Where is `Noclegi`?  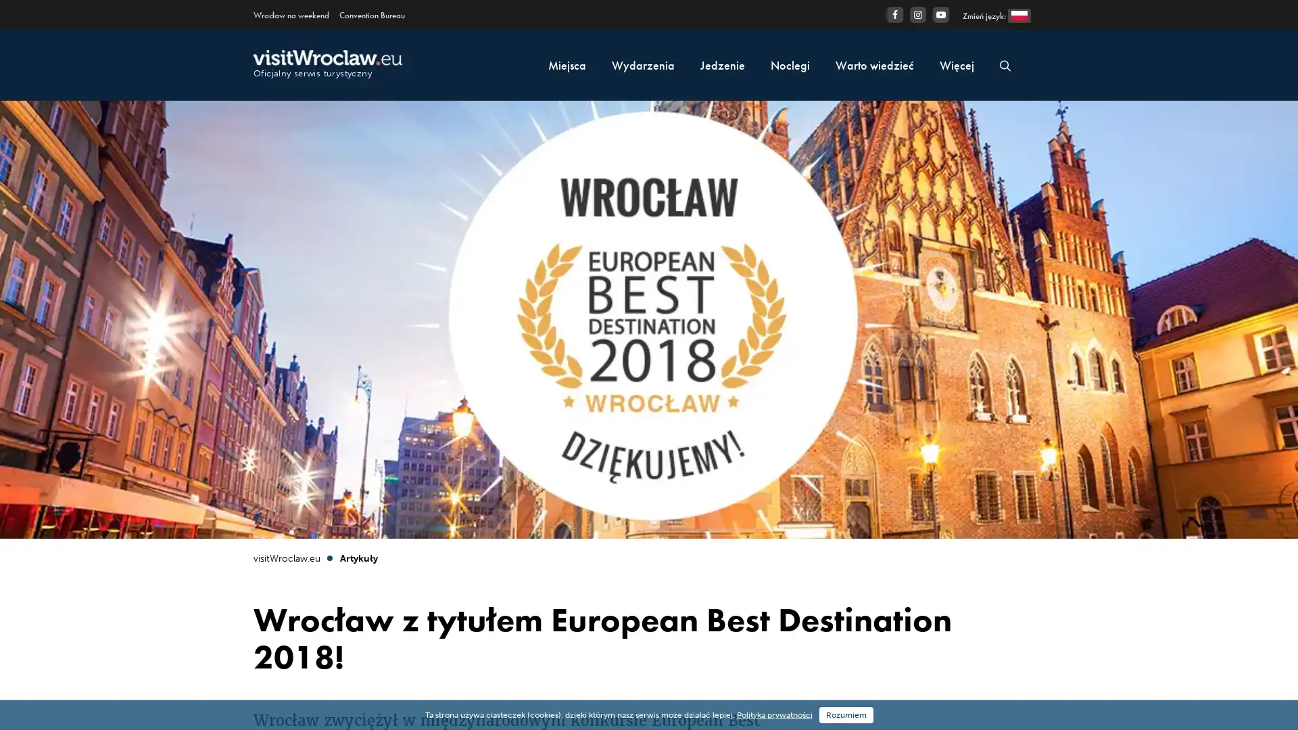 Noclegi is located at coordinates (790, 65).